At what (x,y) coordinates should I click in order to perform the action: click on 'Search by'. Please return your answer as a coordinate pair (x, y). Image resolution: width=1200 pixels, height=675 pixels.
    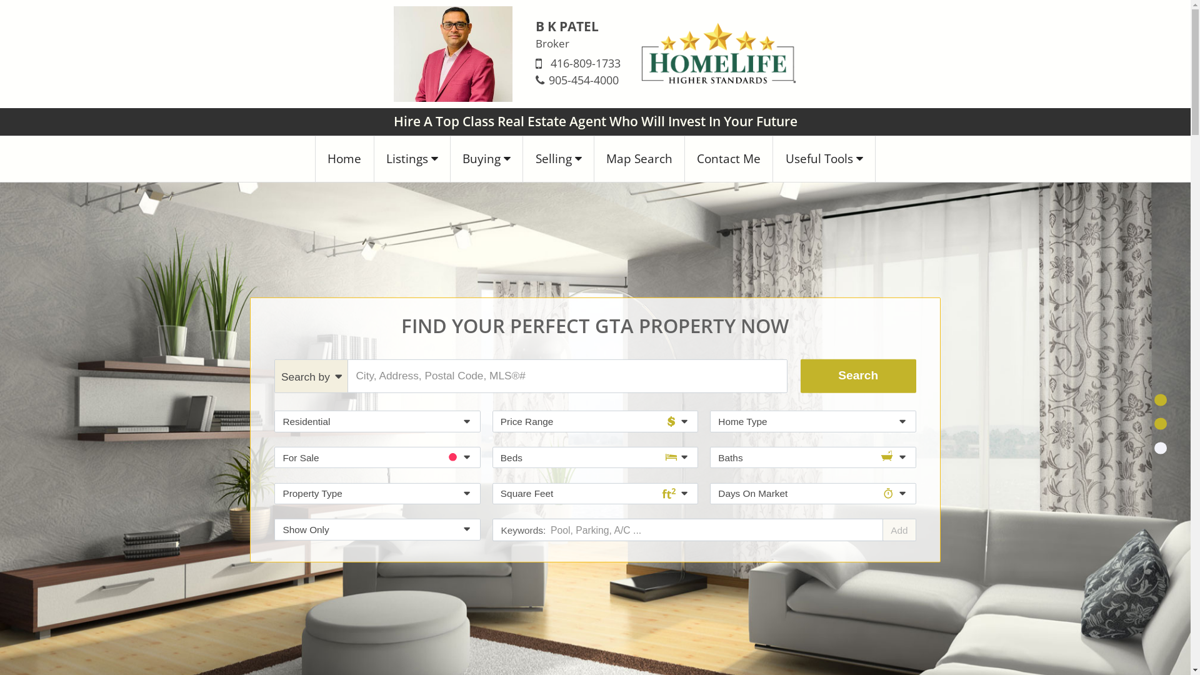
    Looking at the image, I should click on (311, 375).